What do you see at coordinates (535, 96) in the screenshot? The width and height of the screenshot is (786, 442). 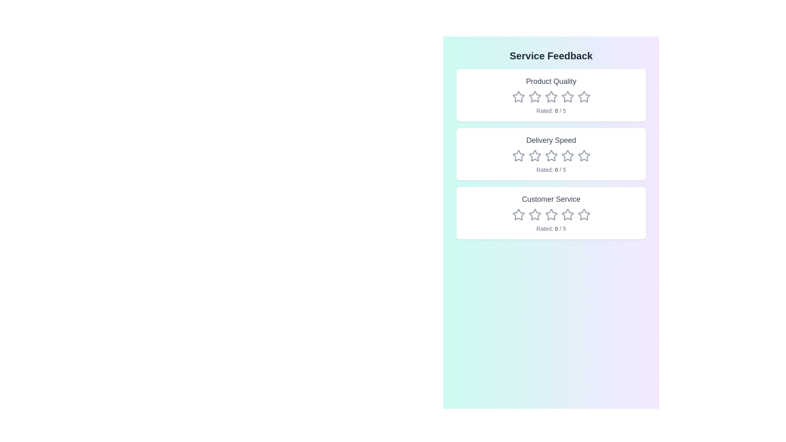 I see `the star icon for 2 stars in the 'Product Quality' section` at bounding box center [535, 96].